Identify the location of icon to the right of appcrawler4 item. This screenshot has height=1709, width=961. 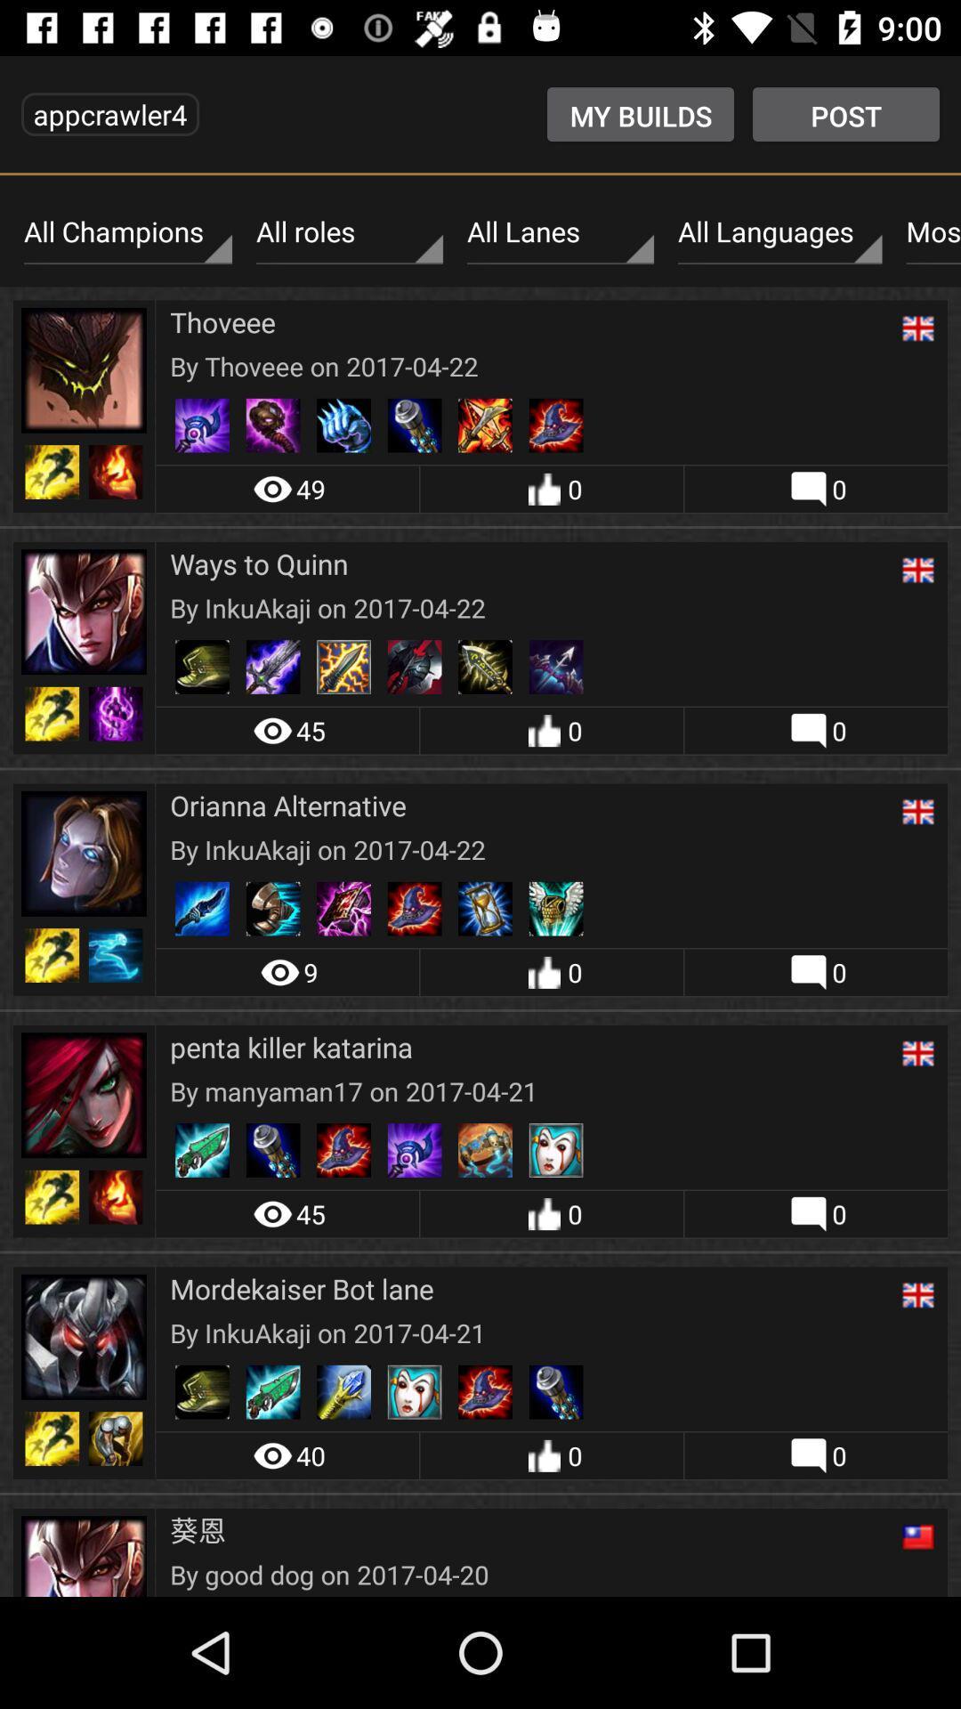
(641, 113).